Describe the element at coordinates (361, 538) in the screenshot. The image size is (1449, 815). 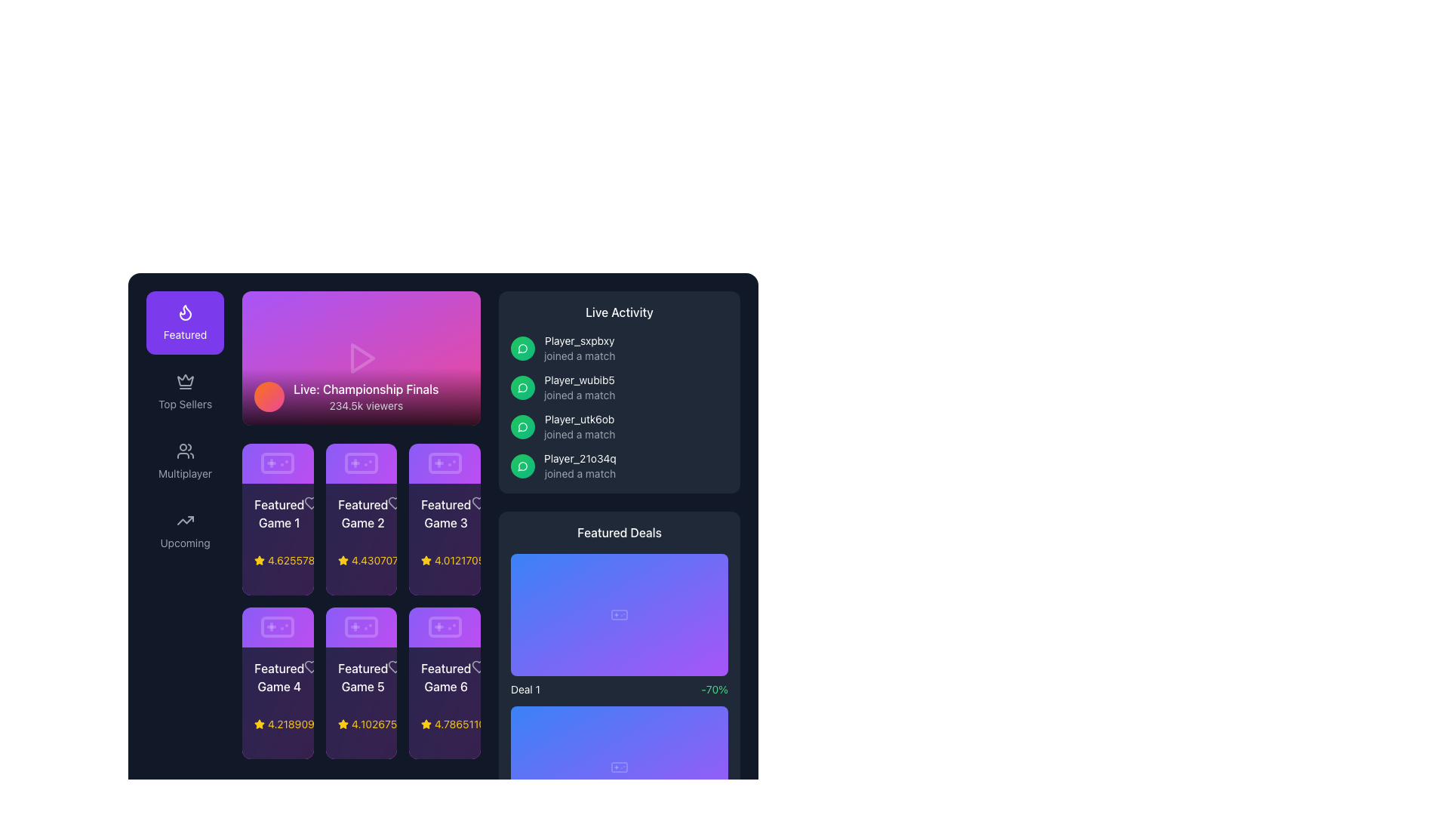
I see `the game Card located in the second column under the 'Featured' category` at that location.